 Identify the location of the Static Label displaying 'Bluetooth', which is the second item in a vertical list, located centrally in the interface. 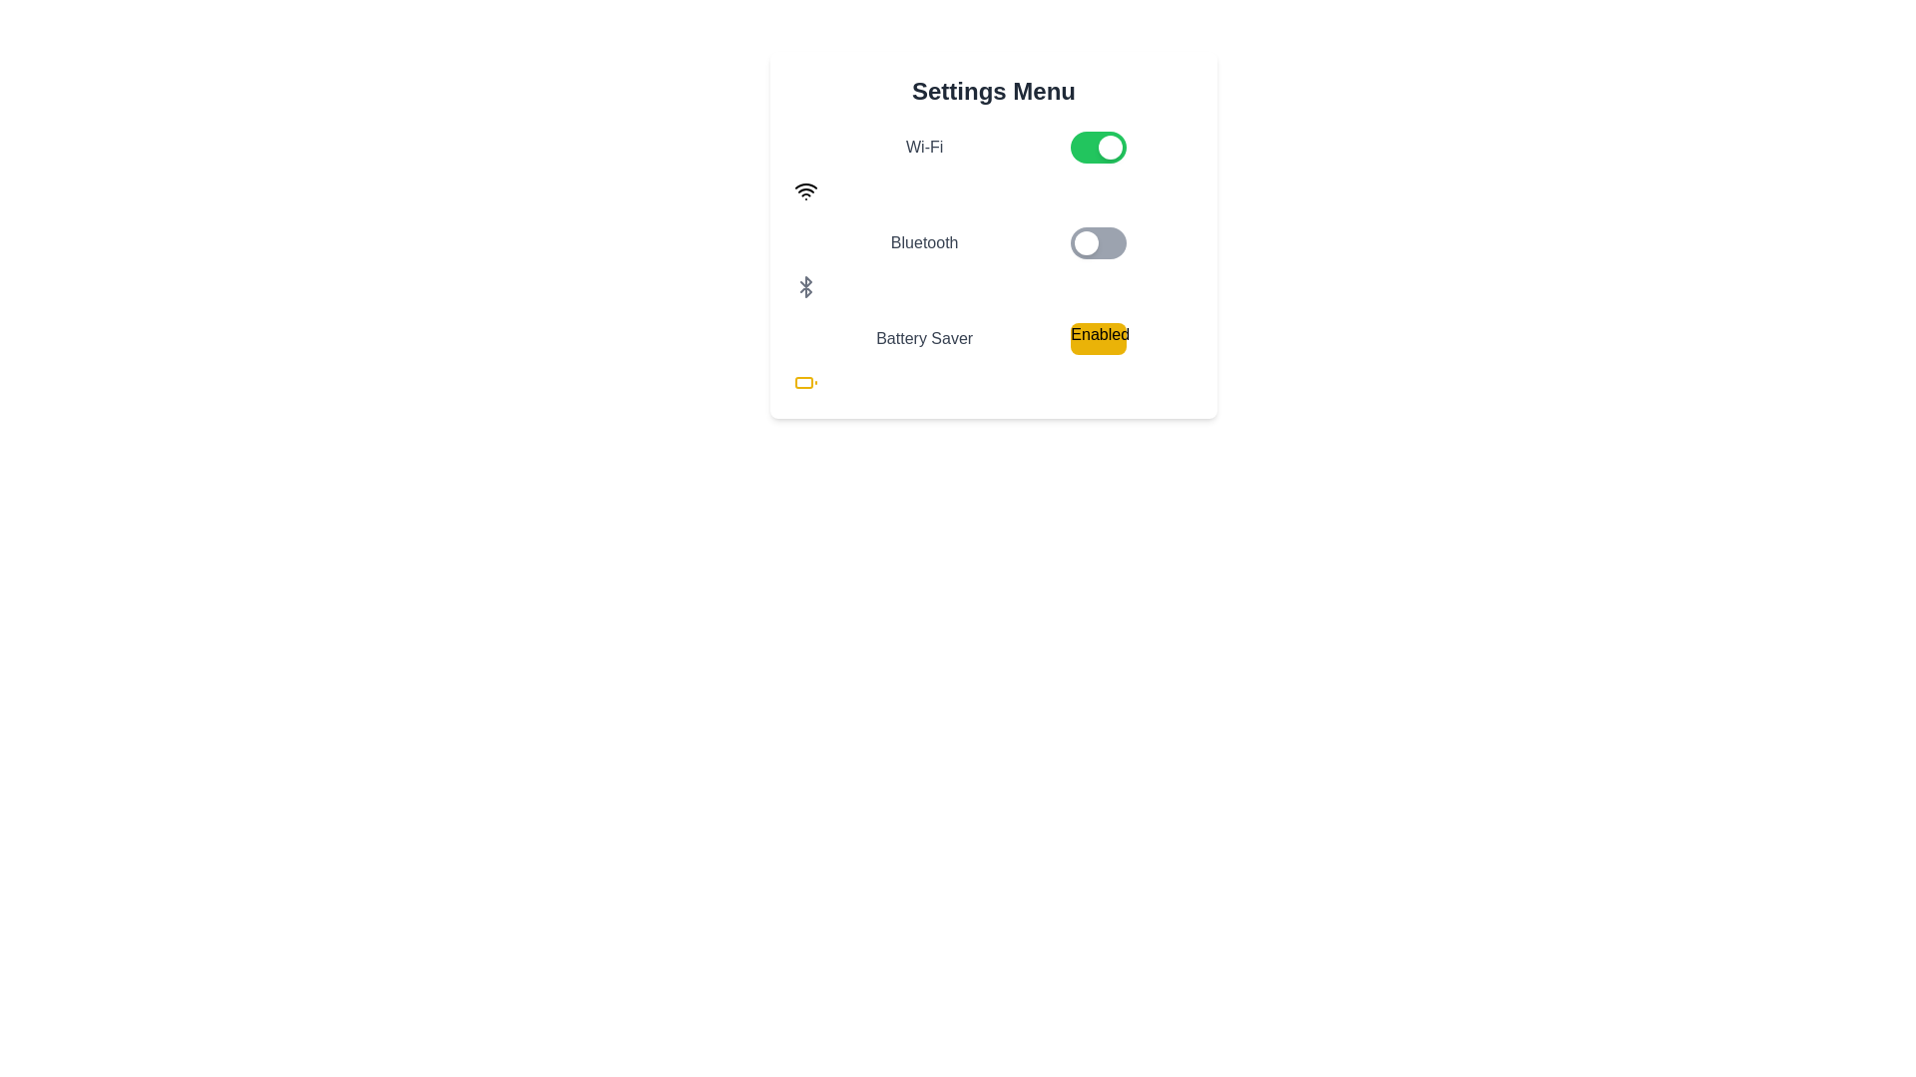
(923, 241).